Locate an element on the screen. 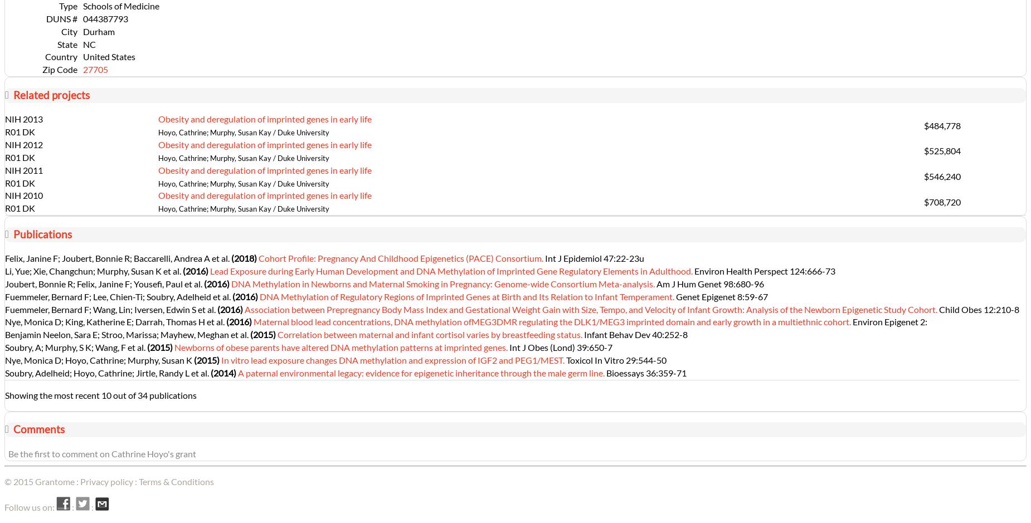  'NIH 2012' is located at coordinates (23, 143).